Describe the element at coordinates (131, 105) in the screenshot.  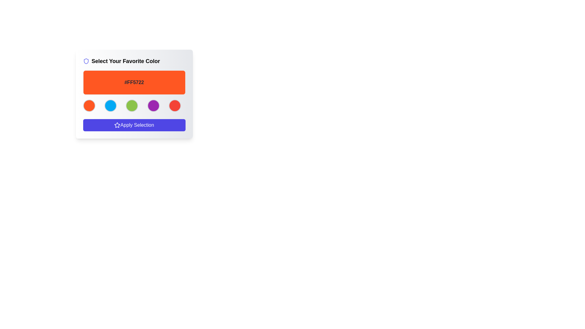
I see `the third circular color button located between the blue button on the left and the purple button on the right` at that location.